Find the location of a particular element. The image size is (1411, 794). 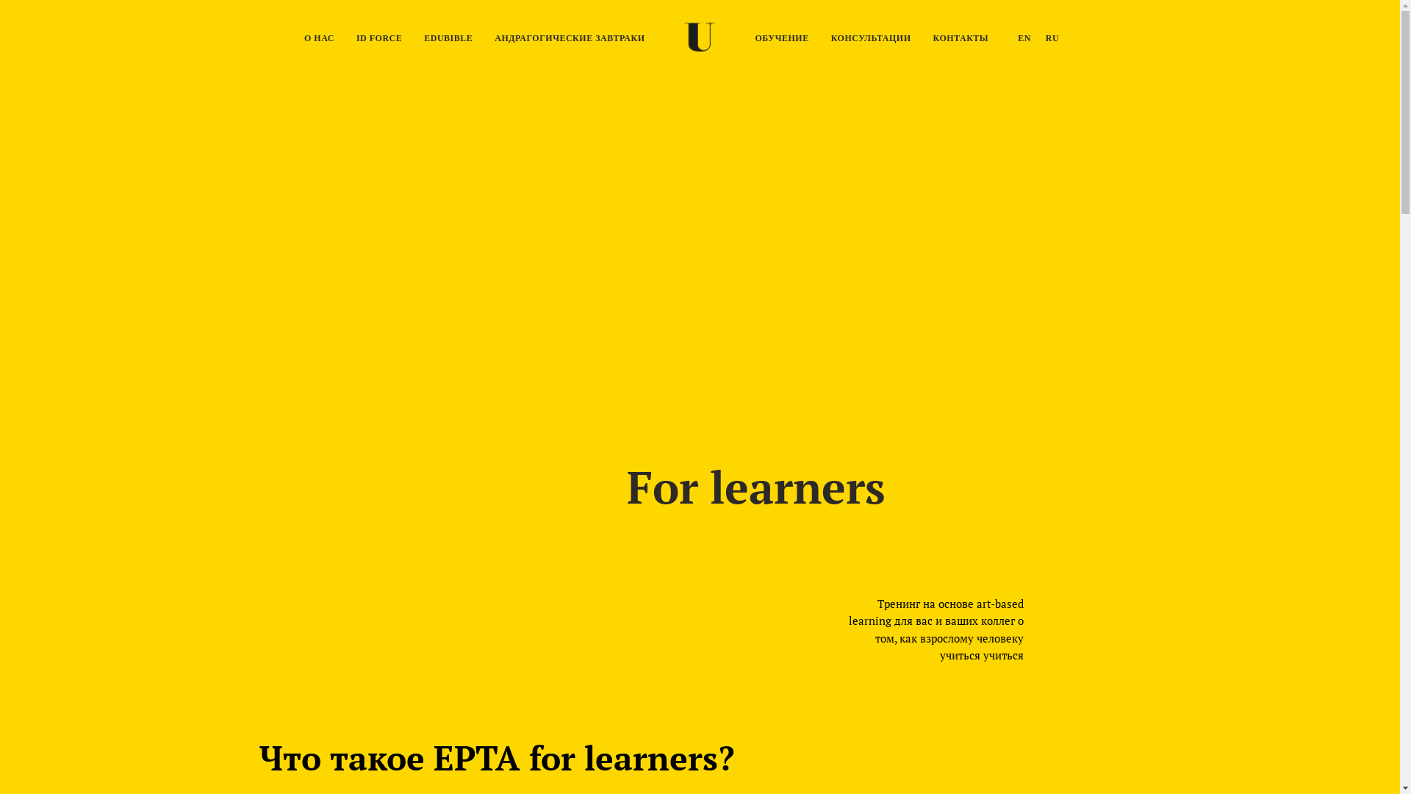

'EDUBIBLE' is located at coordinates (447, 37).